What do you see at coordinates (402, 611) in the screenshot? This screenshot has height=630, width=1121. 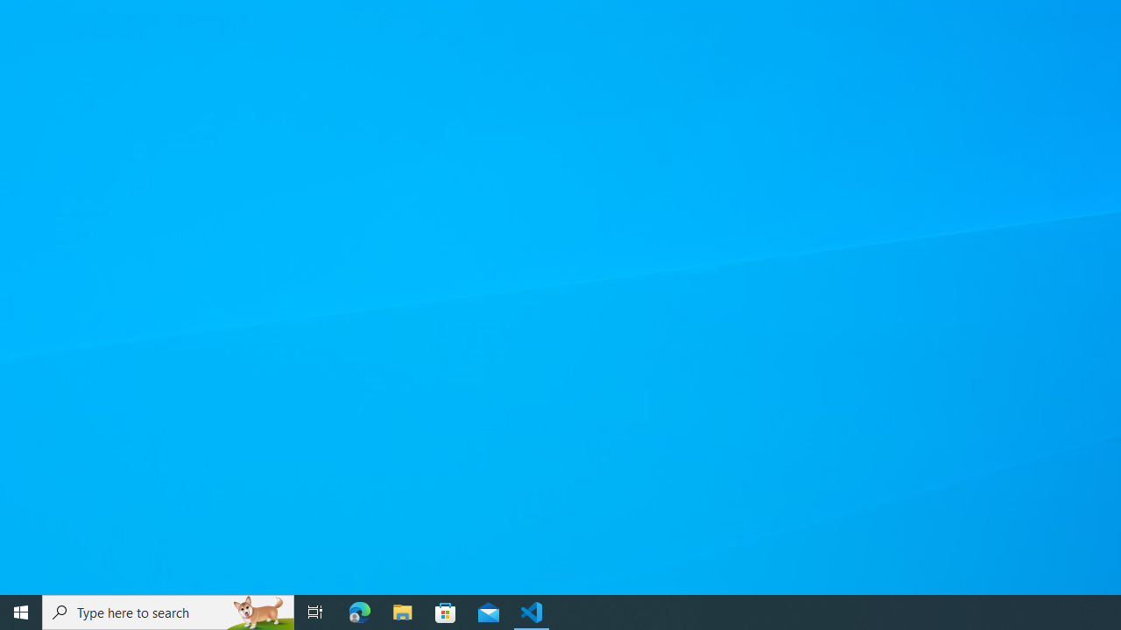 I see `'File Explorer'` at bounding box center [402, 611].